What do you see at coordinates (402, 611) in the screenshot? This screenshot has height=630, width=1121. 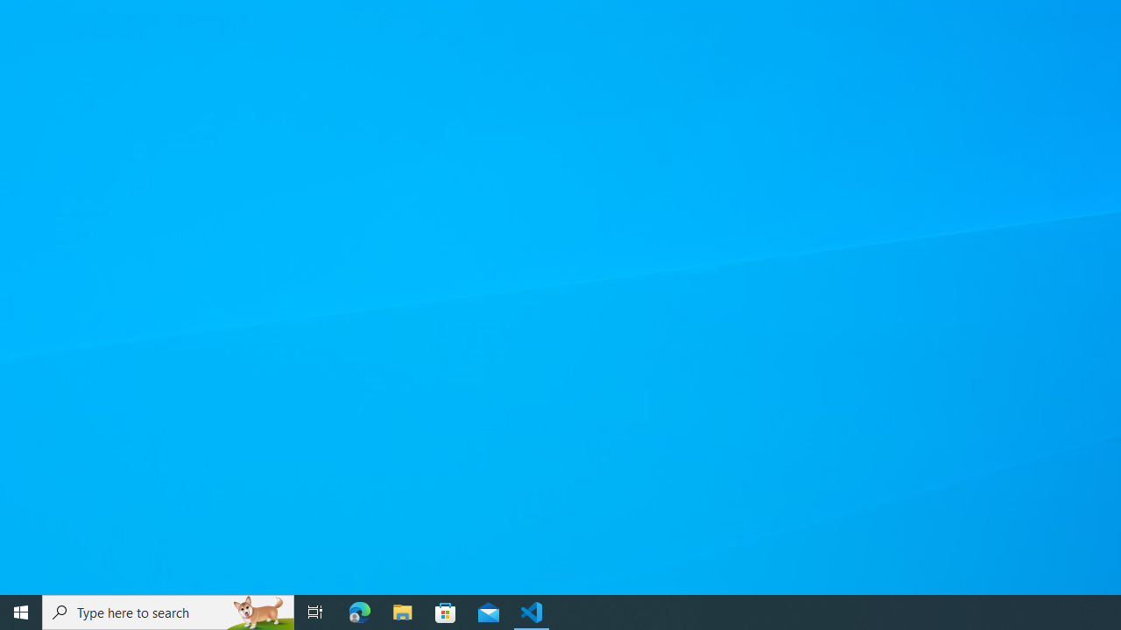 I see `'File Explorer'` at bounding box center [402, 611].